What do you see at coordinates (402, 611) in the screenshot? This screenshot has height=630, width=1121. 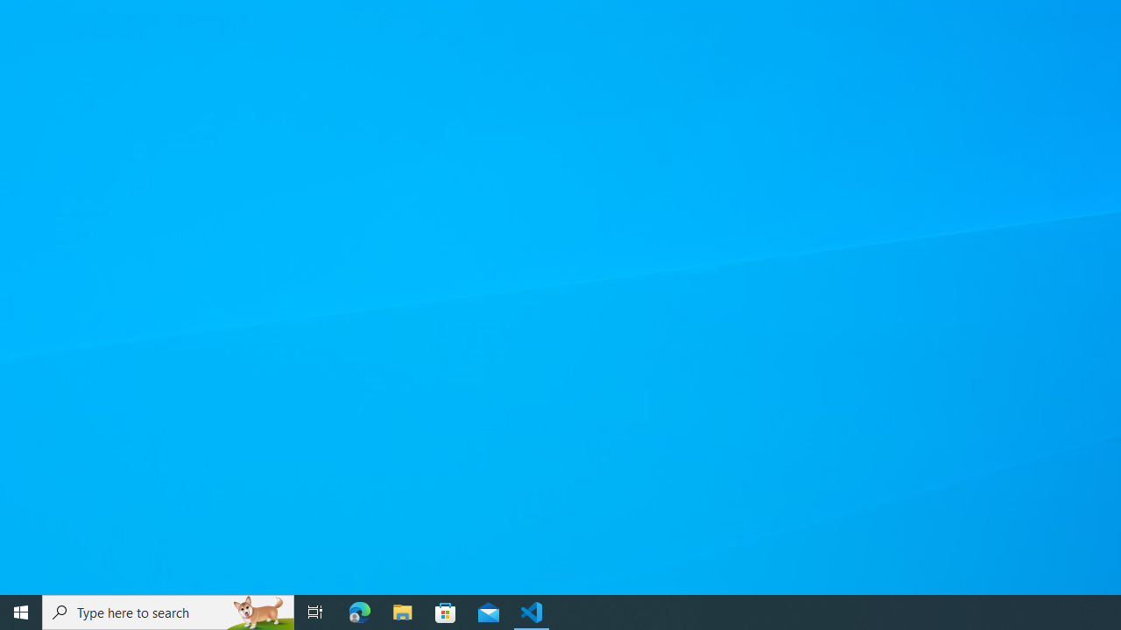 I see `'File Explorer'` at bounding box center [402, 611].